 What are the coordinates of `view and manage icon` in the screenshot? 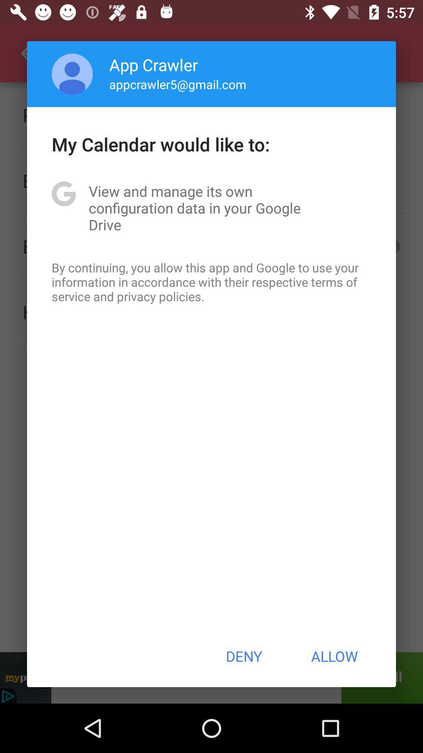 It's located at (211, 208).